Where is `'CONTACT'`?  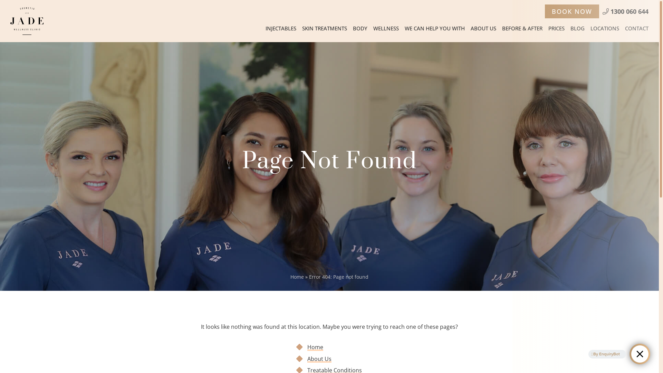 'CONTACT' is located at coordinates (636, 28).